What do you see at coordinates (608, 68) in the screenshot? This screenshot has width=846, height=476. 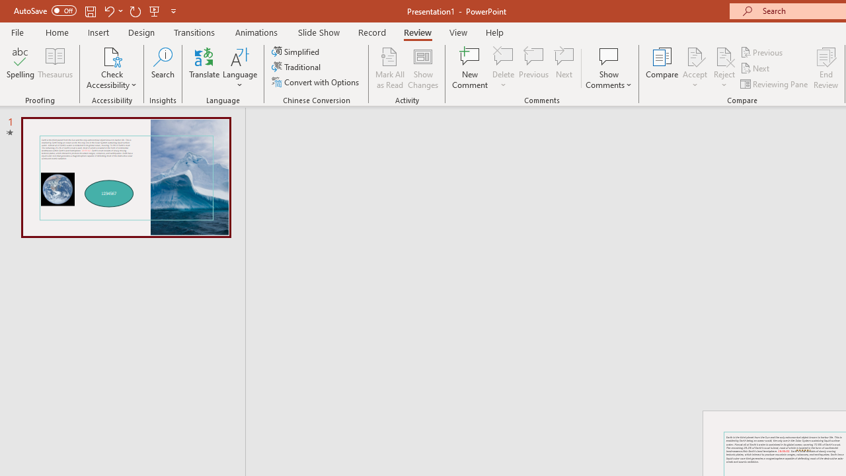 I see `'Show Comments'` at bounding box center [608, 68].